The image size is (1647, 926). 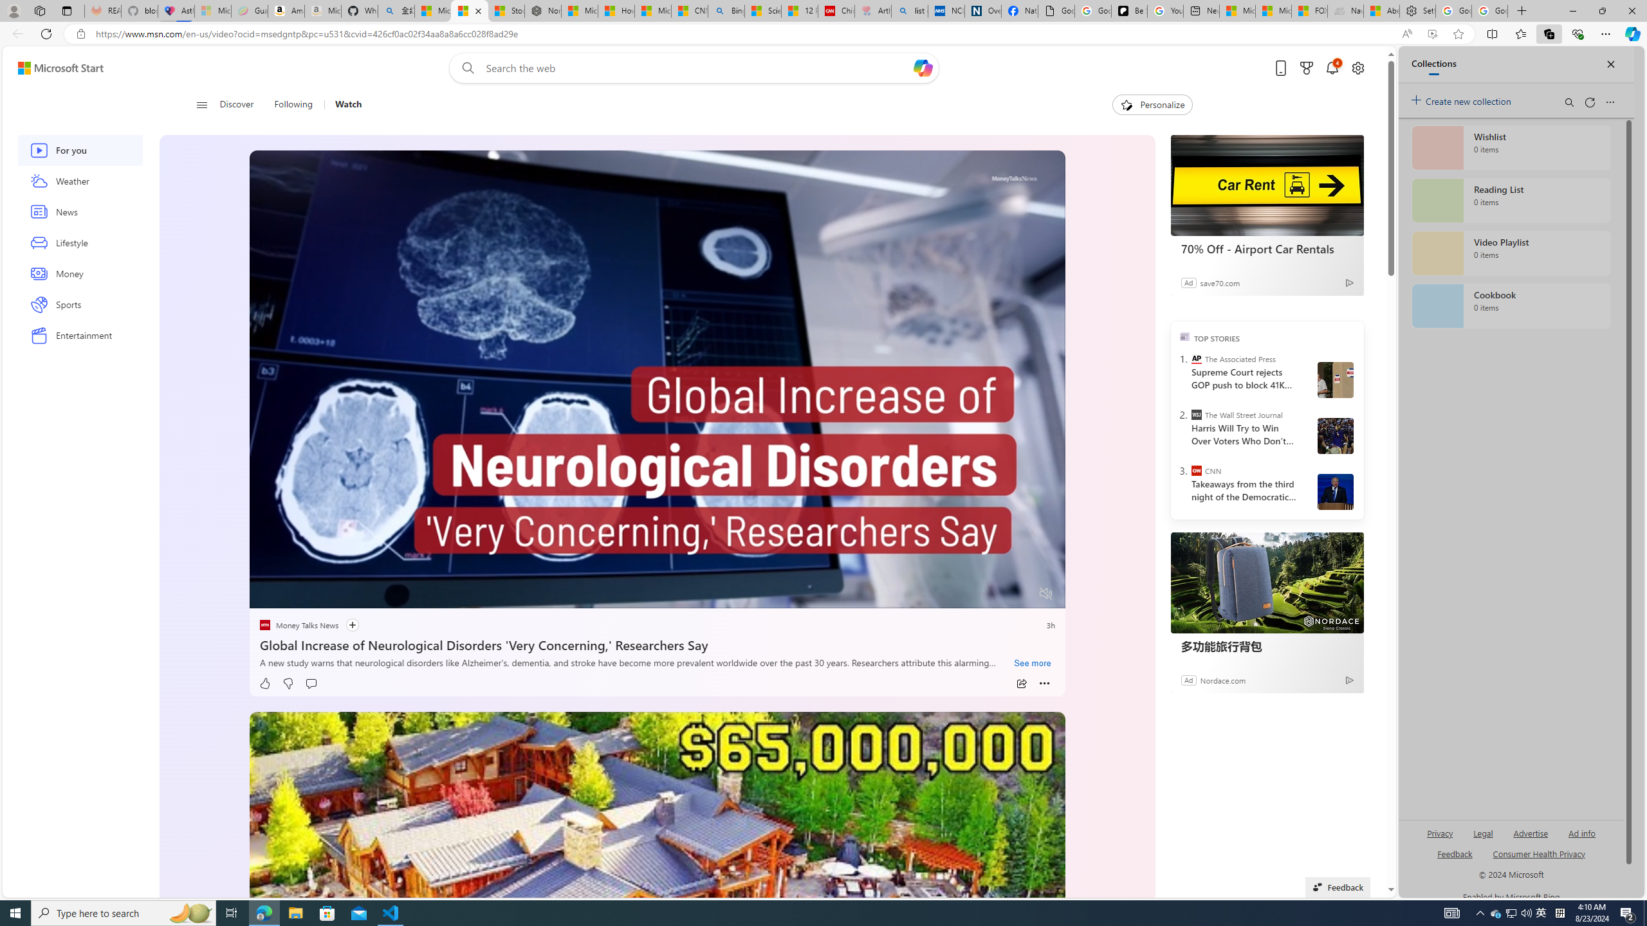 What do you see at coordinates (1044, 683) in the screenshot?
I see `'Class: at-item inline-watch'` at bounding box center [1044, 683].